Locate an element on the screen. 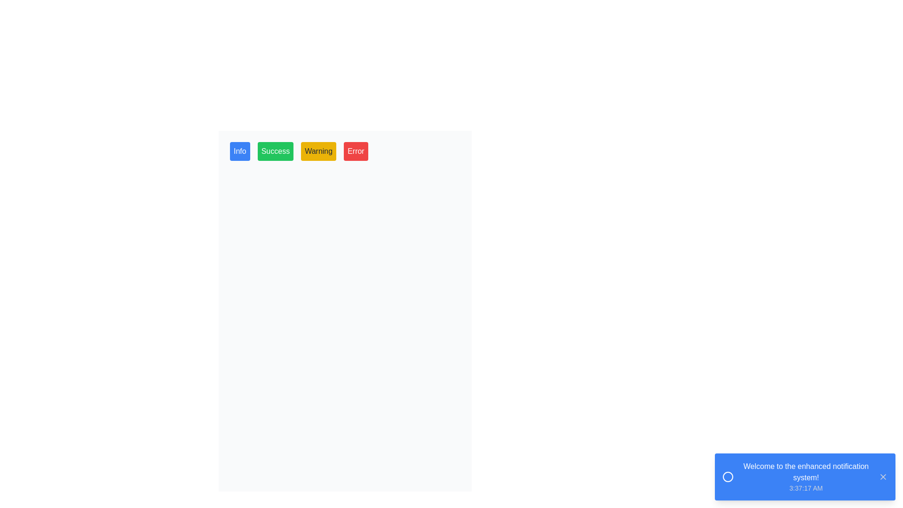 Image resolution: width=903 pixels, height=508 pixels. the 'Warning' button with a yellow background and black text is located at coordinates (318, 151).